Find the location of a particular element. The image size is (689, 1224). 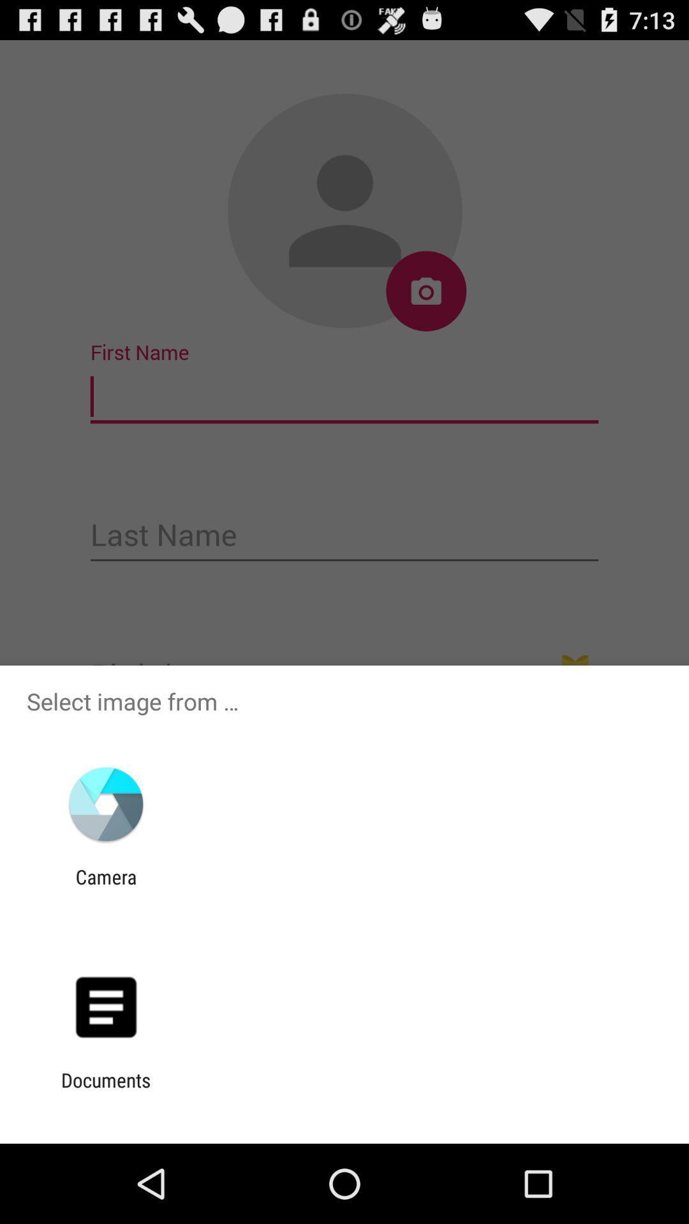

the documents is located at coordinates (105, 1091).